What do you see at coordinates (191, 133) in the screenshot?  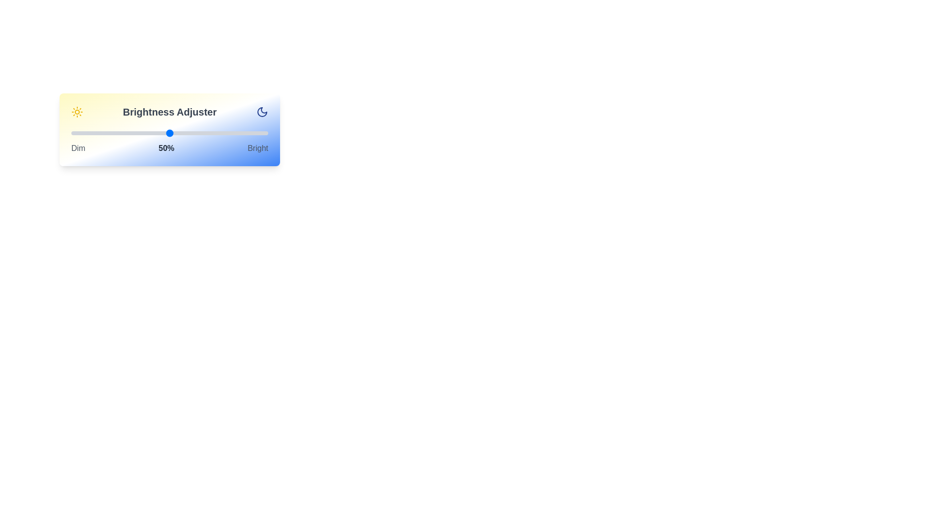 I see `the brightness to 61% using the slider` at bounding box center [191, 133].